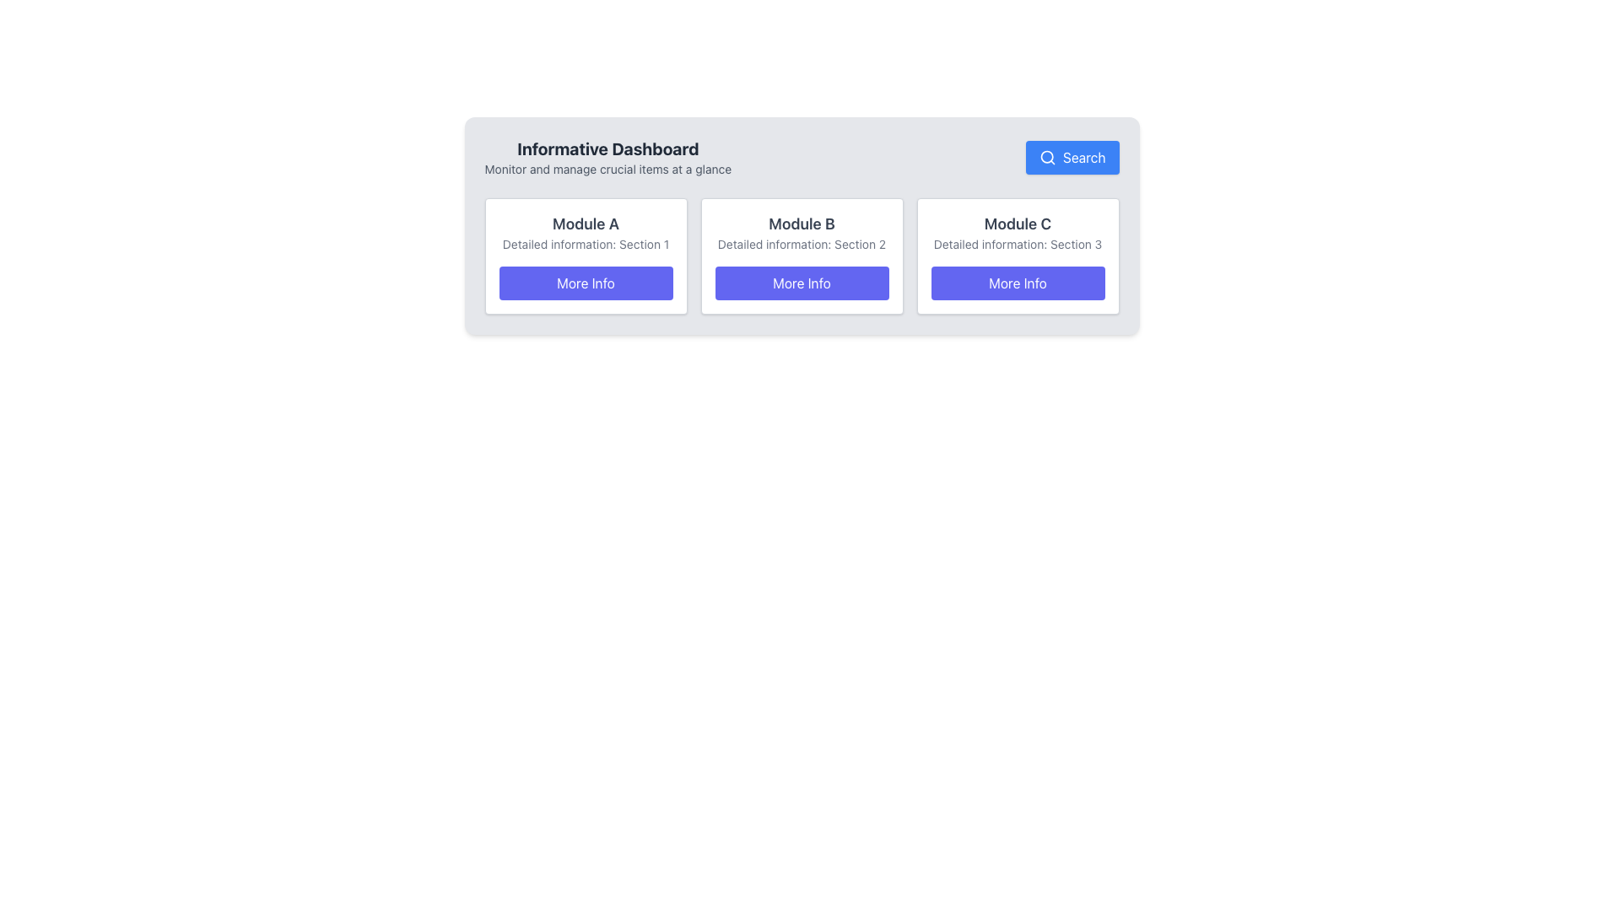  I want to click on the title text positioned at the top of the panel, which is grouped with 'More Info' button, so click(586, 224).